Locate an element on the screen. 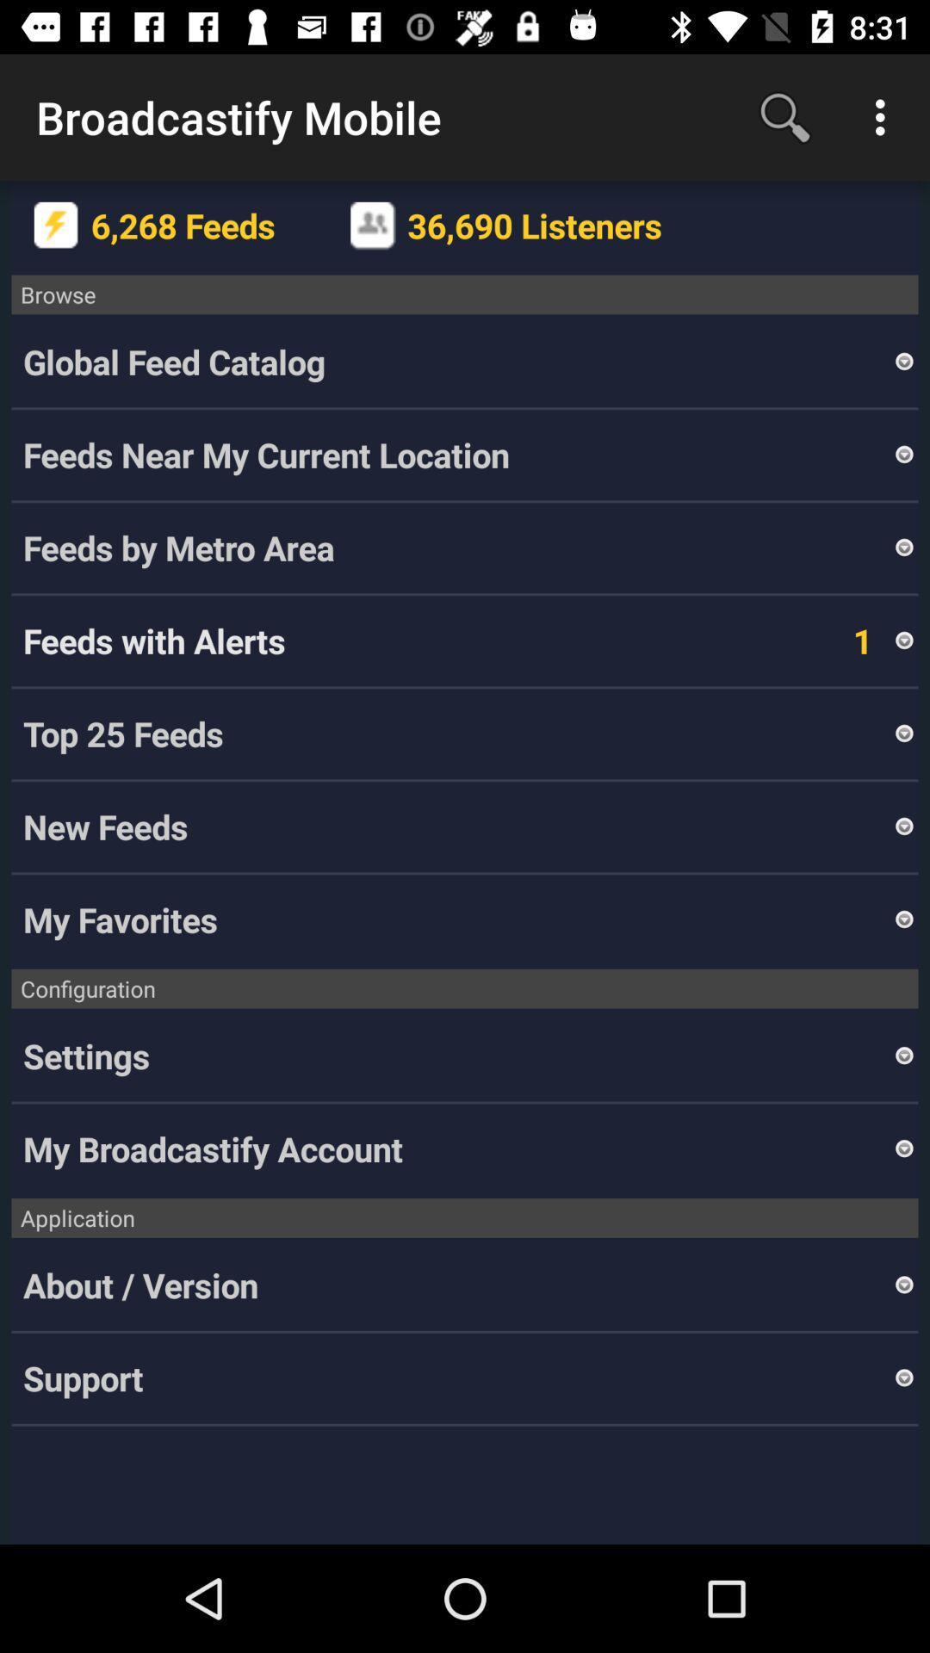 Image resolution: width=930 pixels, height=1653 pixels. the feeds with alerts item is located at coordinates (153, 640).